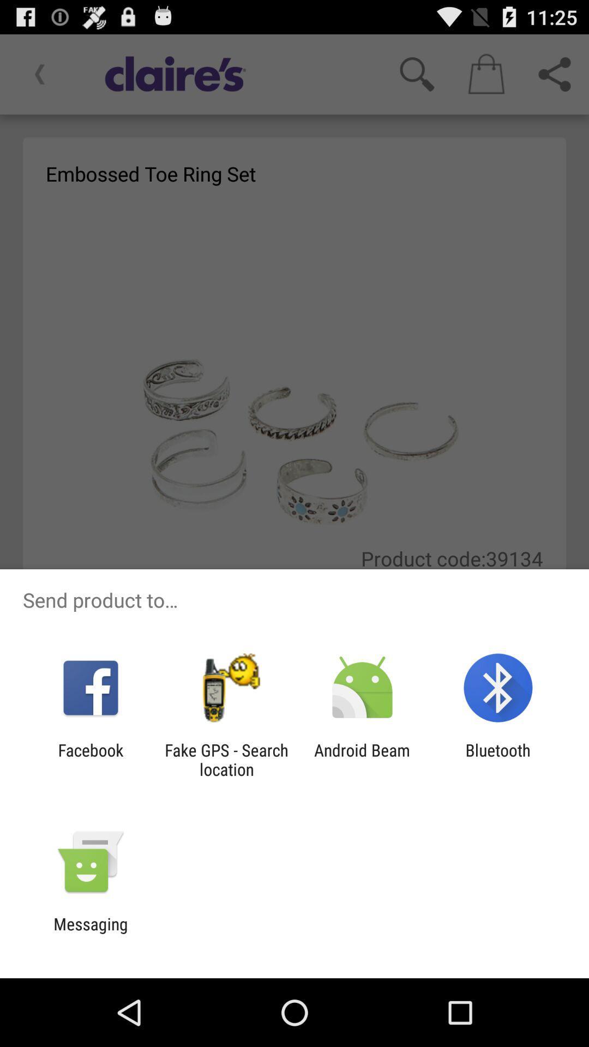 The image size is (589, 1047). What do you see at coordinates (362, 759) in the screenshot?
I see `icon to the right of the fake gps search` at bounding box center [362, 759].